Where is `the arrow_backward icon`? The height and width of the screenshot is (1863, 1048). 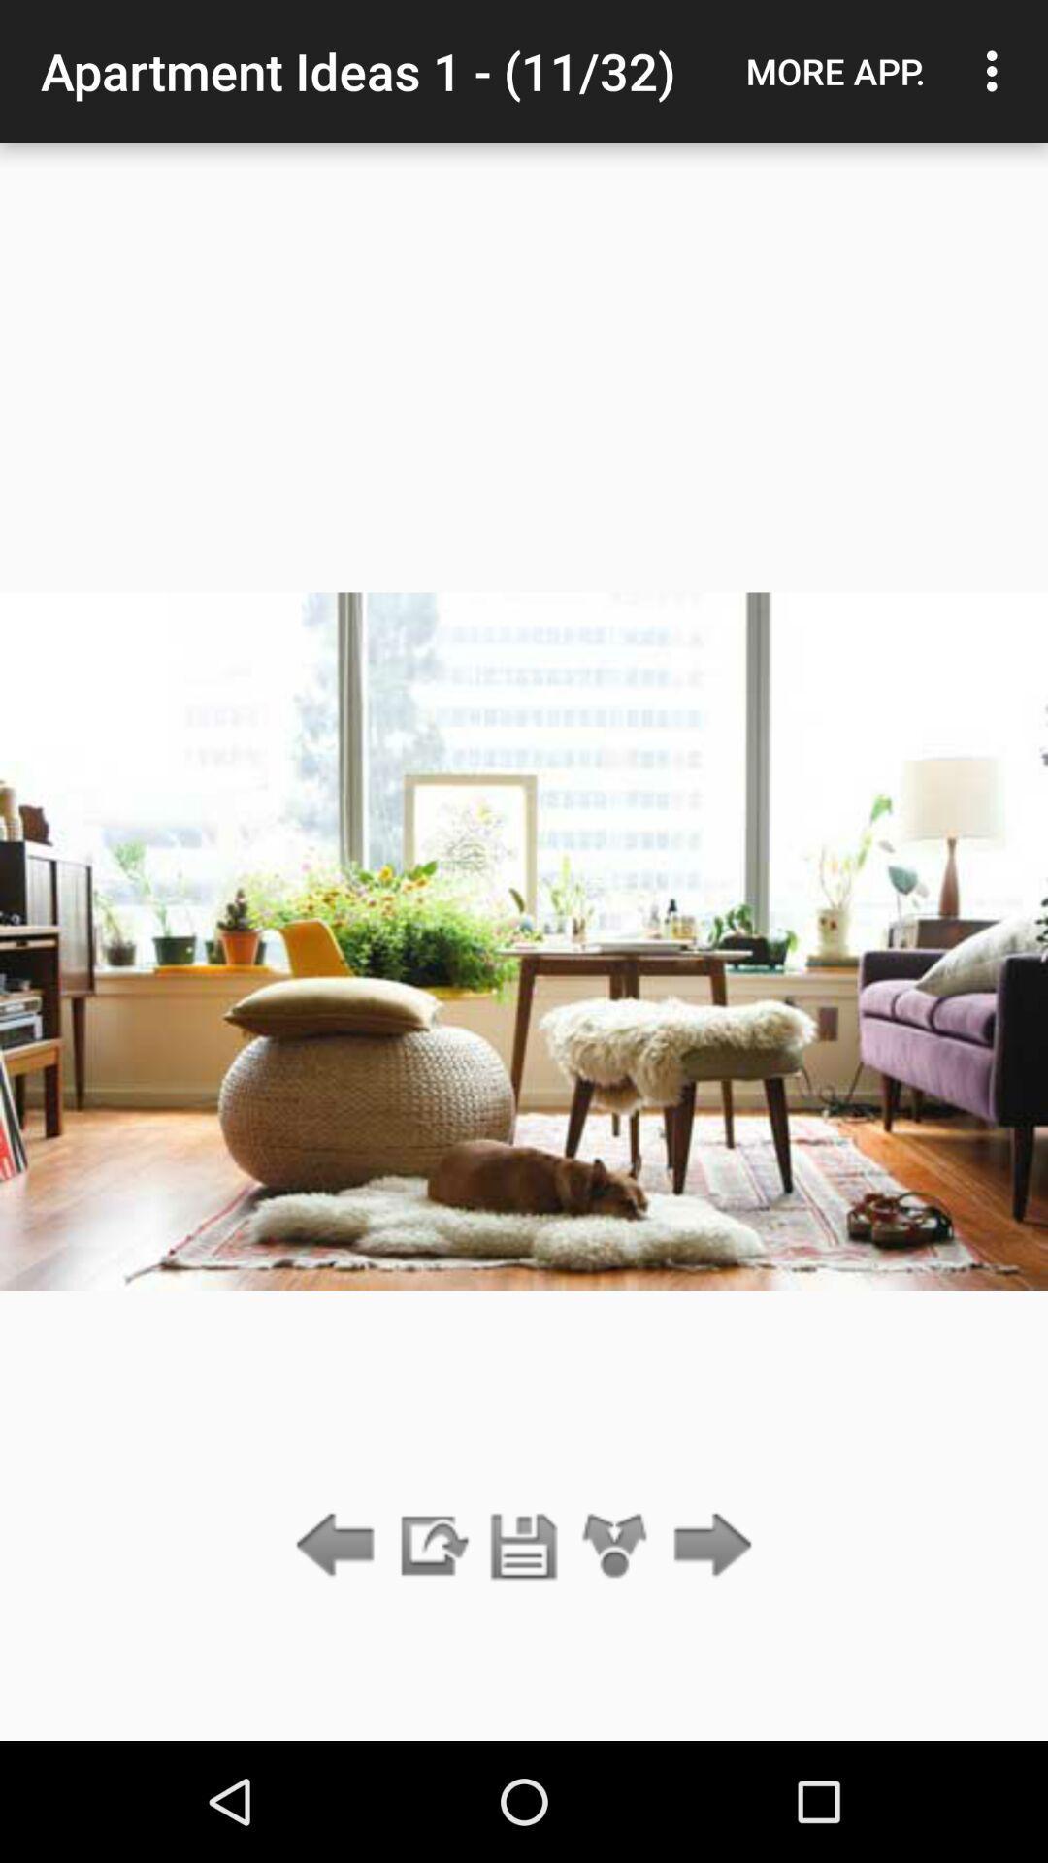 the arrow_backward icon is located at coordinates (340, 1546).